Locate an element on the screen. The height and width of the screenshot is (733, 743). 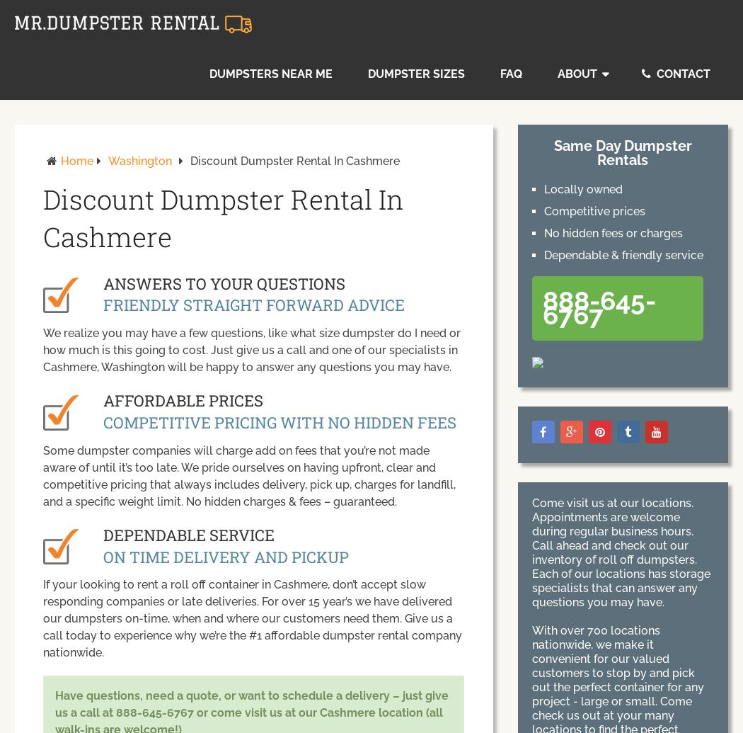
'Same Day Dumpster Rentals' is located at coordinates (621, 153).